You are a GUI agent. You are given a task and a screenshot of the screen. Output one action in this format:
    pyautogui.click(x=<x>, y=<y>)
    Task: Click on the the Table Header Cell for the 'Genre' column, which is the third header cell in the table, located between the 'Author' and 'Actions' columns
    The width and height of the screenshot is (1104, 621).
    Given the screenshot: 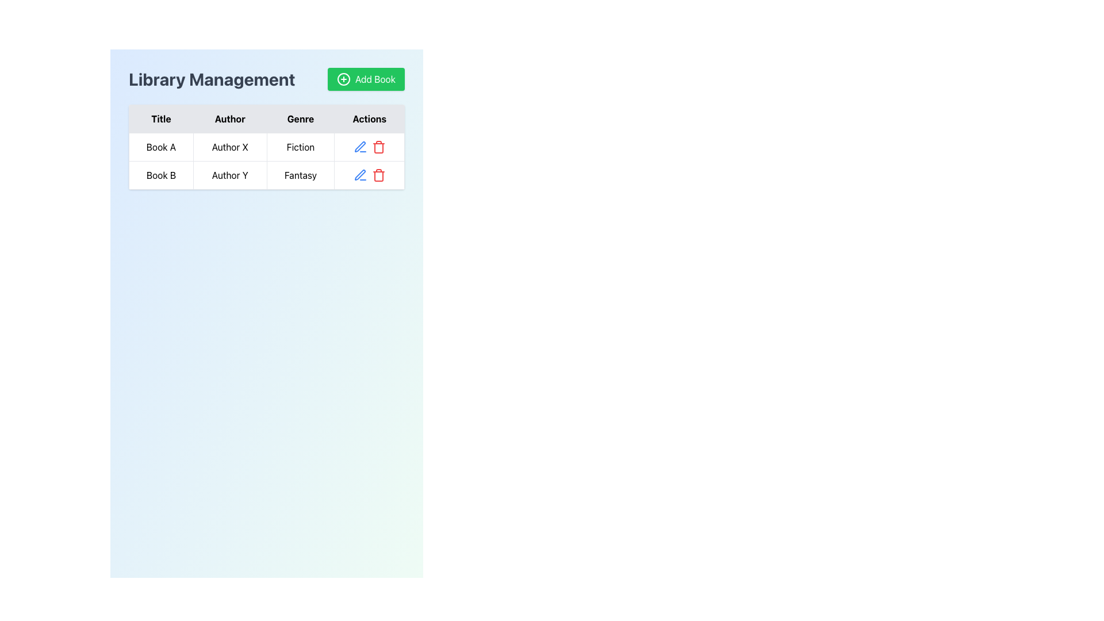 What is the action you would take?
    pyautogui.click(x=301, y=119)
    